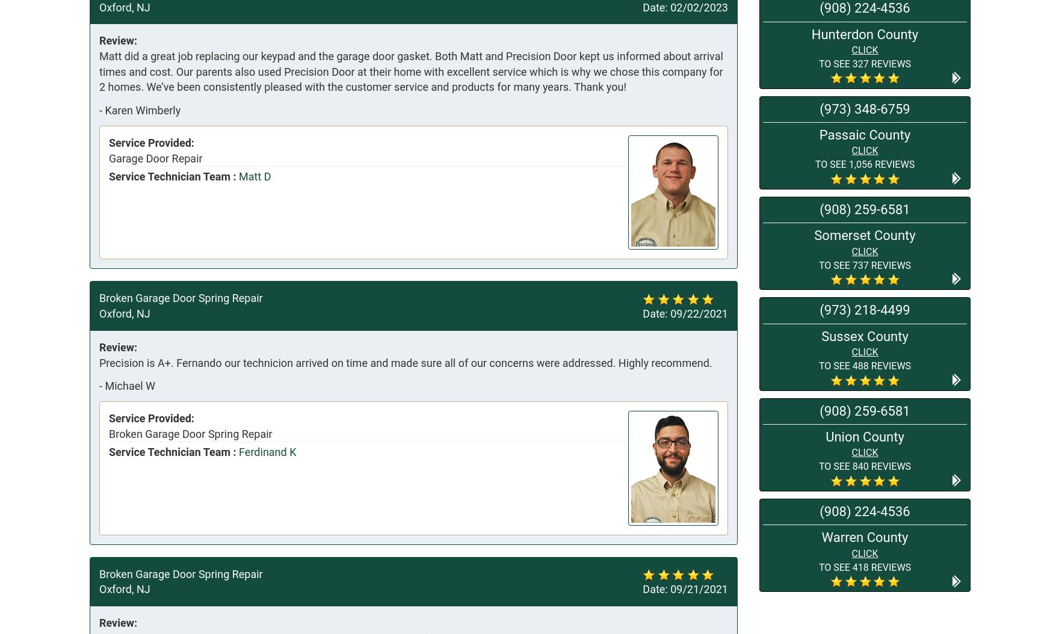  What do you see at coordinates (863, 537) in the screenshot?
I see `'Warren County'` at bounding box center [863, 537].